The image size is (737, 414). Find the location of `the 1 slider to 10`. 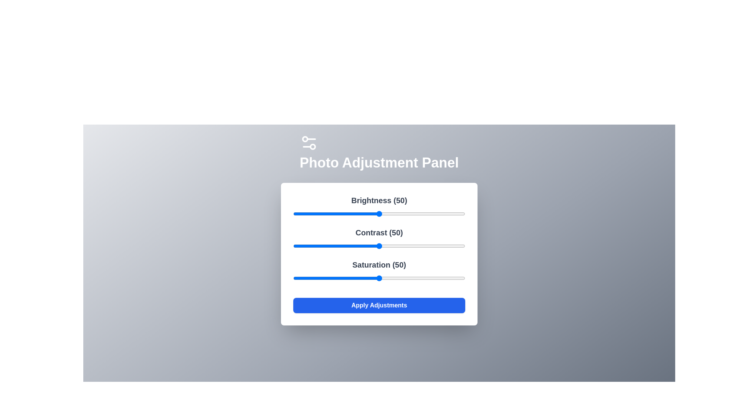

the 1 slider to 10 is located at coordinates (310, 246).